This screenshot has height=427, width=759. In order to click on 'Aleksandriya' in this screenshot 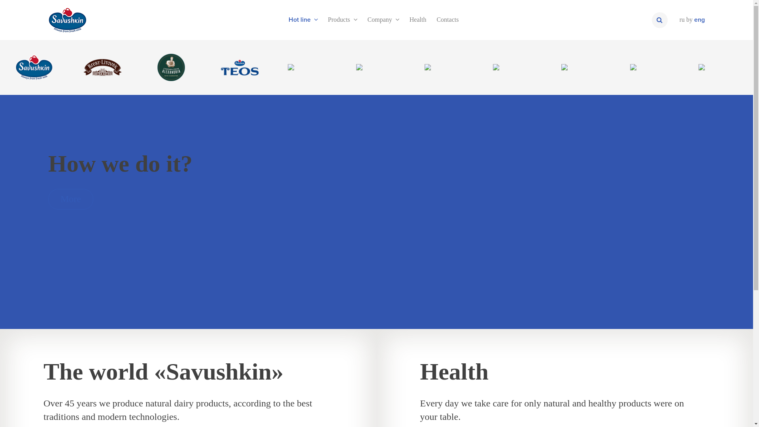, I will do `click(136, 67)`.